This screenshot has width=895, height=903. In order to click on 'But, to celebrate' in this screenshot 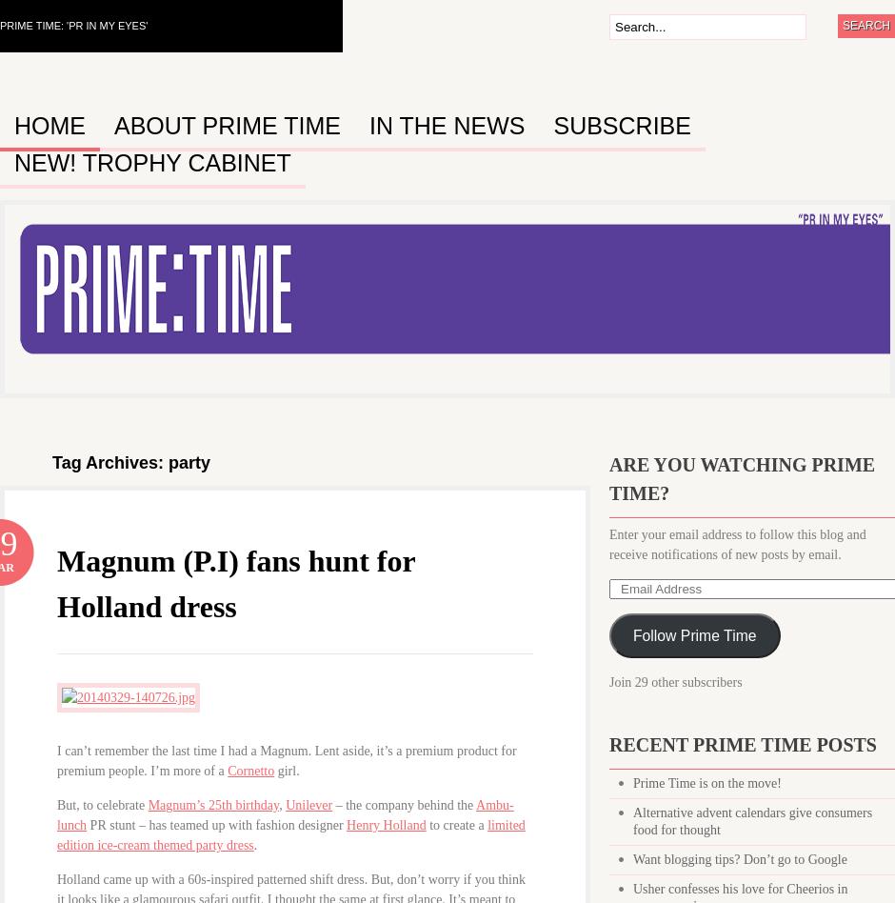, I will do `click(102, 804)`.